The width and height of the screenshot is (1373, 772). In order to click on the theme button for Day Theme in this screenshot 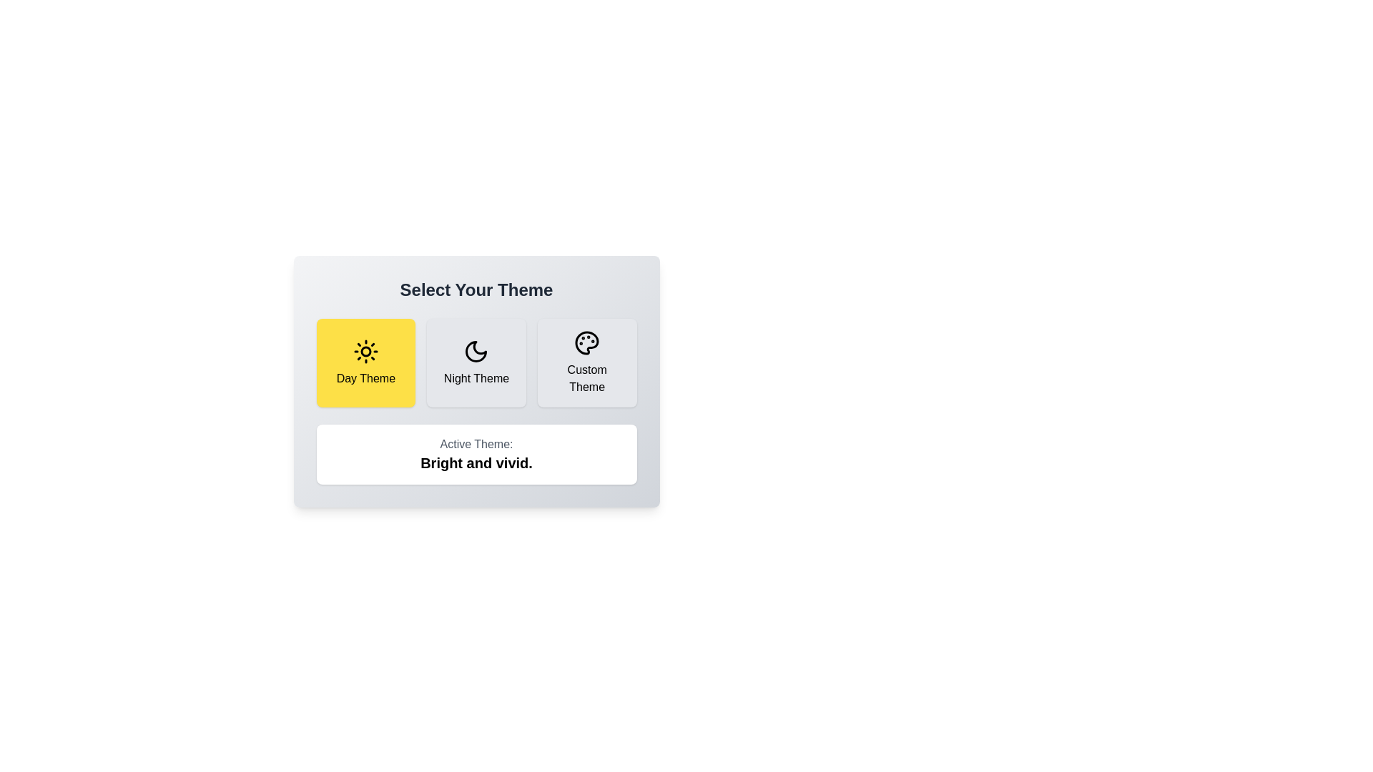, I will do `click(365, 362)`.